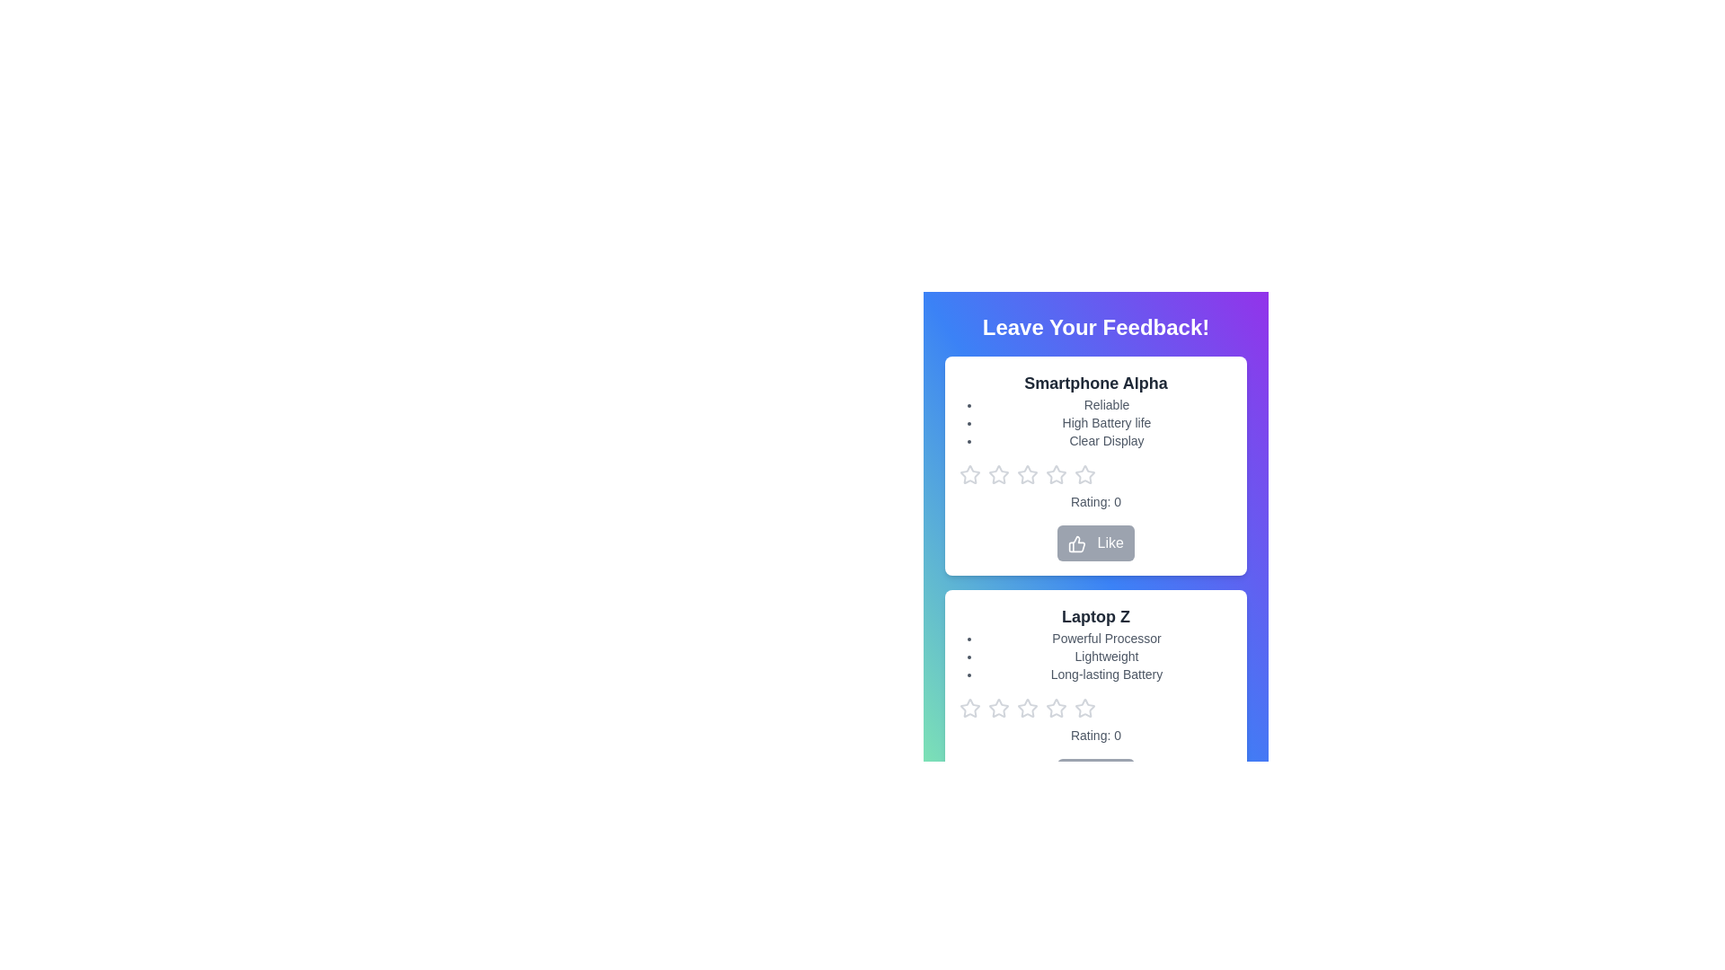  I want to click on the Text display indicating the current rating for 'Smartphone Alpha', which is currently set to 0 and located beneath the five-star icons and above the 'Like' button, so click(1094, 502).